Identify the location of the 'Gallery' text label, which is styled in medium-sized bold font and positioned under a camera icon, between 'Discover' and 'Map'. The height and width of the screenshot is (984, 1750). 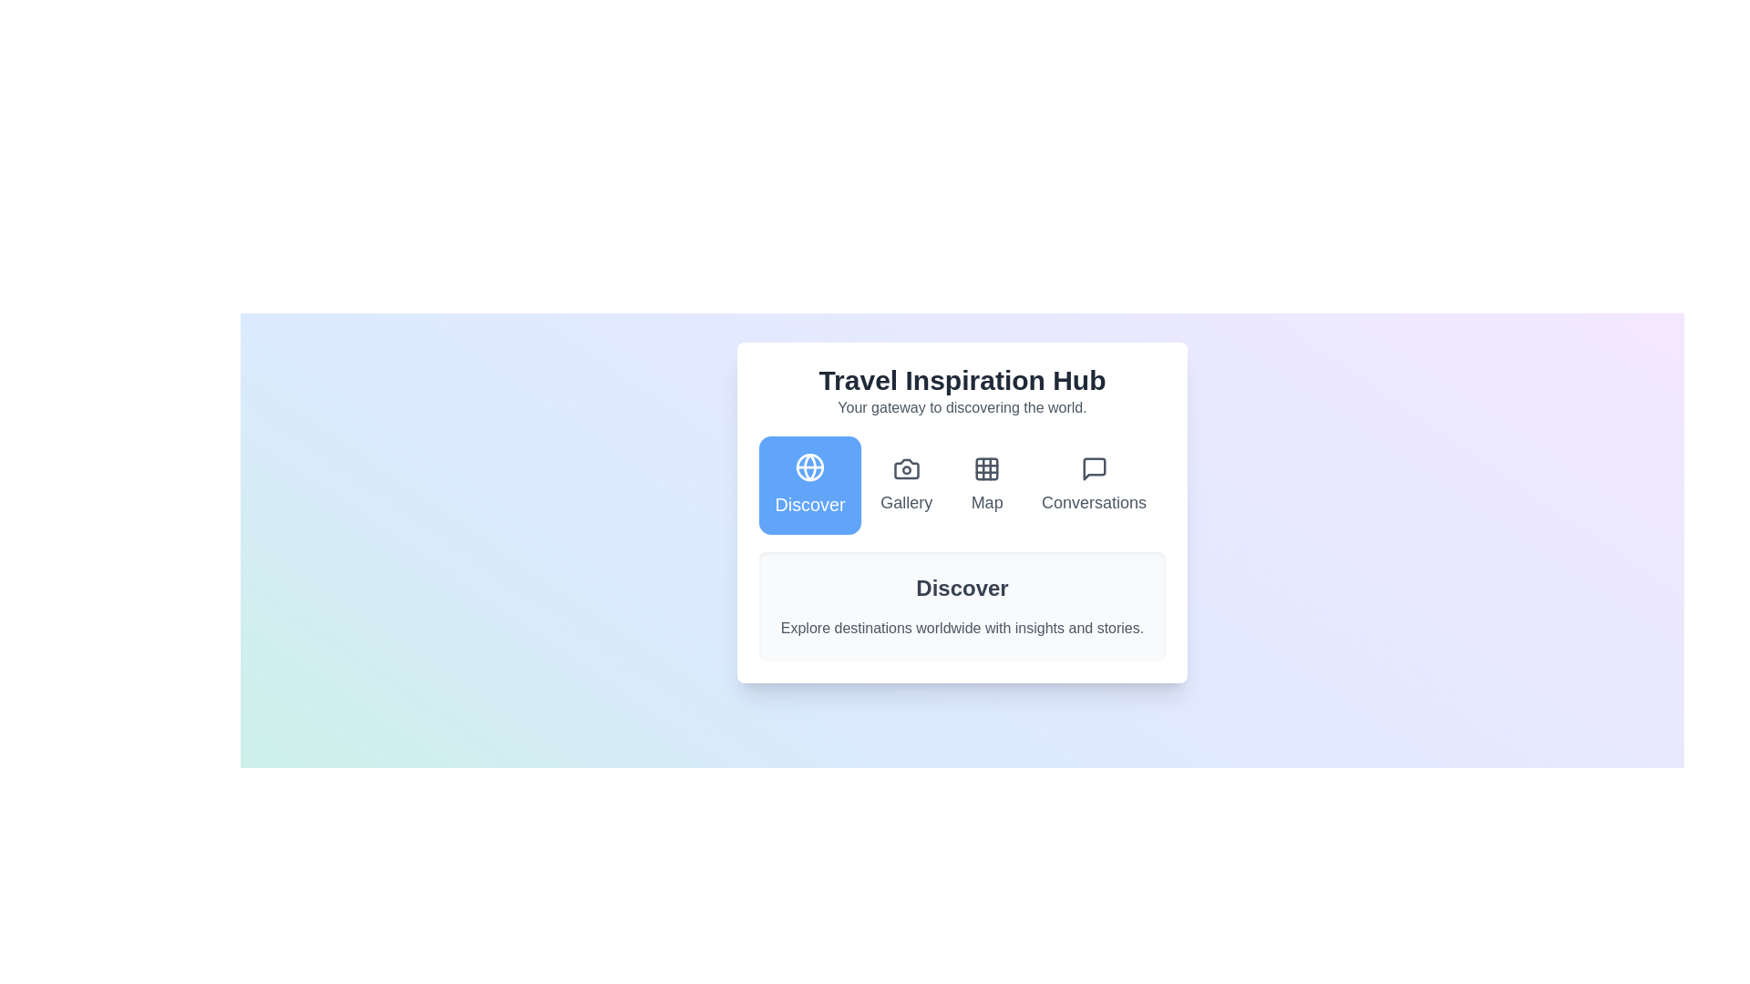
(906, 502).